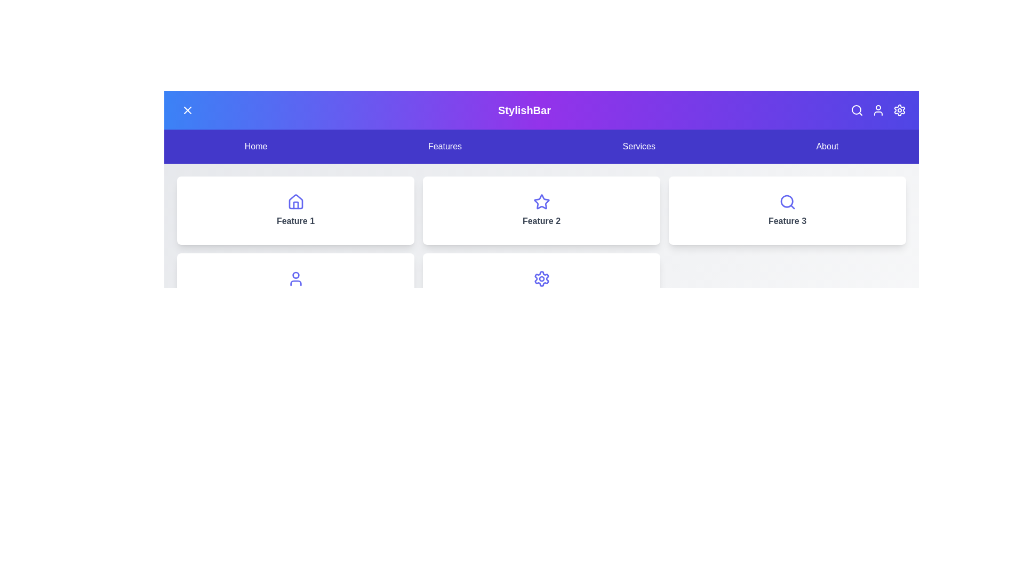 This screenshot has width=1024, height=576. What do you see at coordinates (899, 110) in the screenshot?
I see `the Settings icon in the header` at bounding box center [899, 110].